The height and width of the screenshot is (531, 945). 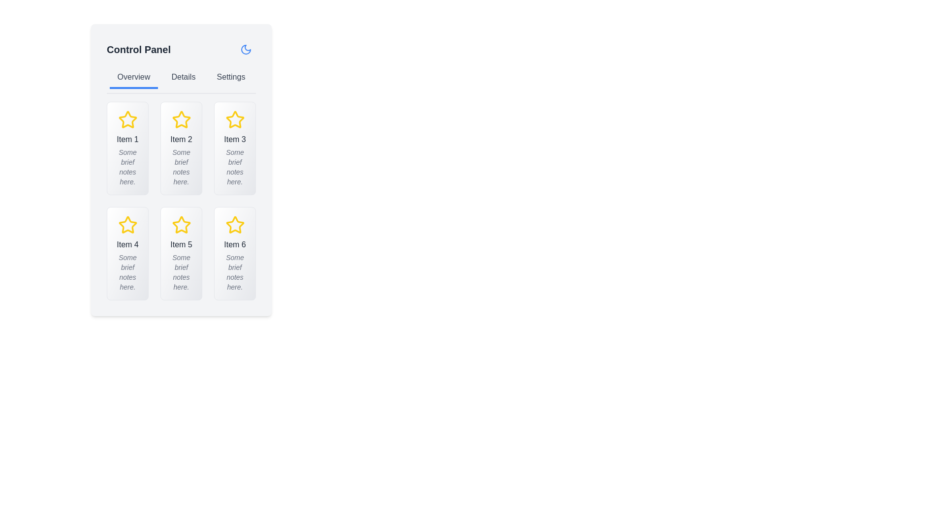 I want to click on the Text label displaying 'Item 1' in a medium grayish font, positioned in the top-left corner of a 2x3 grid layout, below a yellow star icon and above an italicized note, so click(x=127, y=140).